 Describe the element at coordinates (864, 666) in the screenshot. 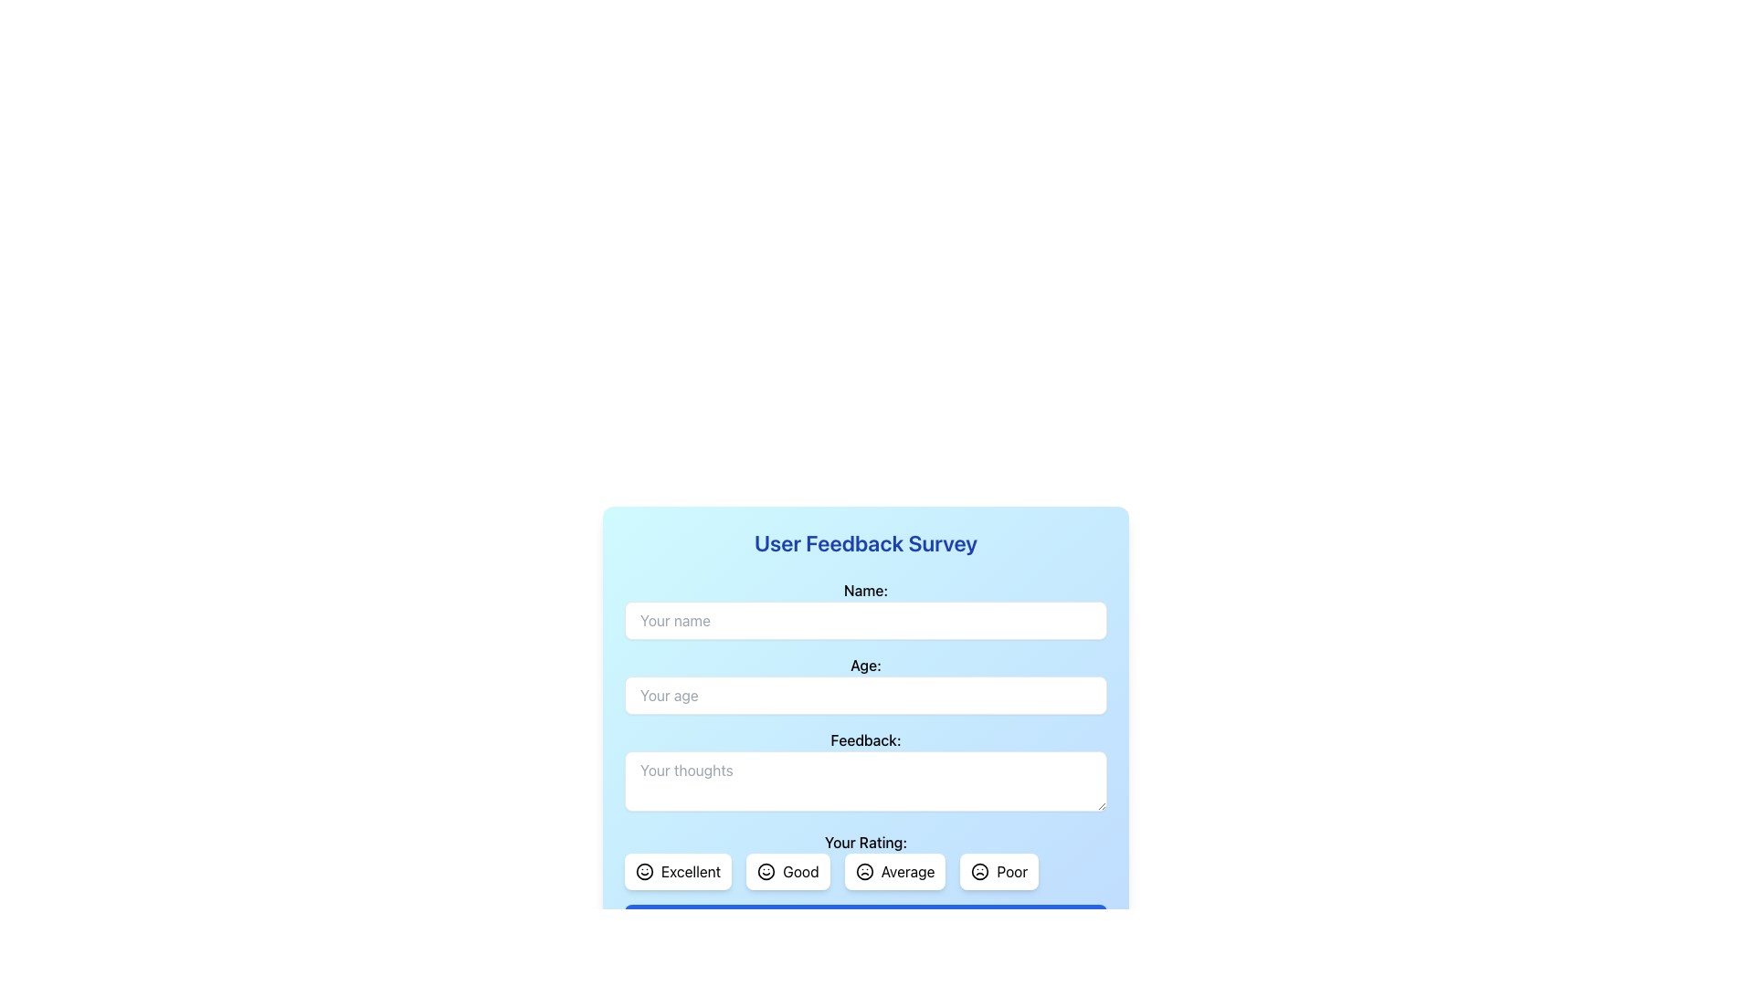

I see `the text label that displays 'Age:' in a medium thickness font, located in the 'User Feedback Survey' form, positioned to the top-left of the age input field` at that location.